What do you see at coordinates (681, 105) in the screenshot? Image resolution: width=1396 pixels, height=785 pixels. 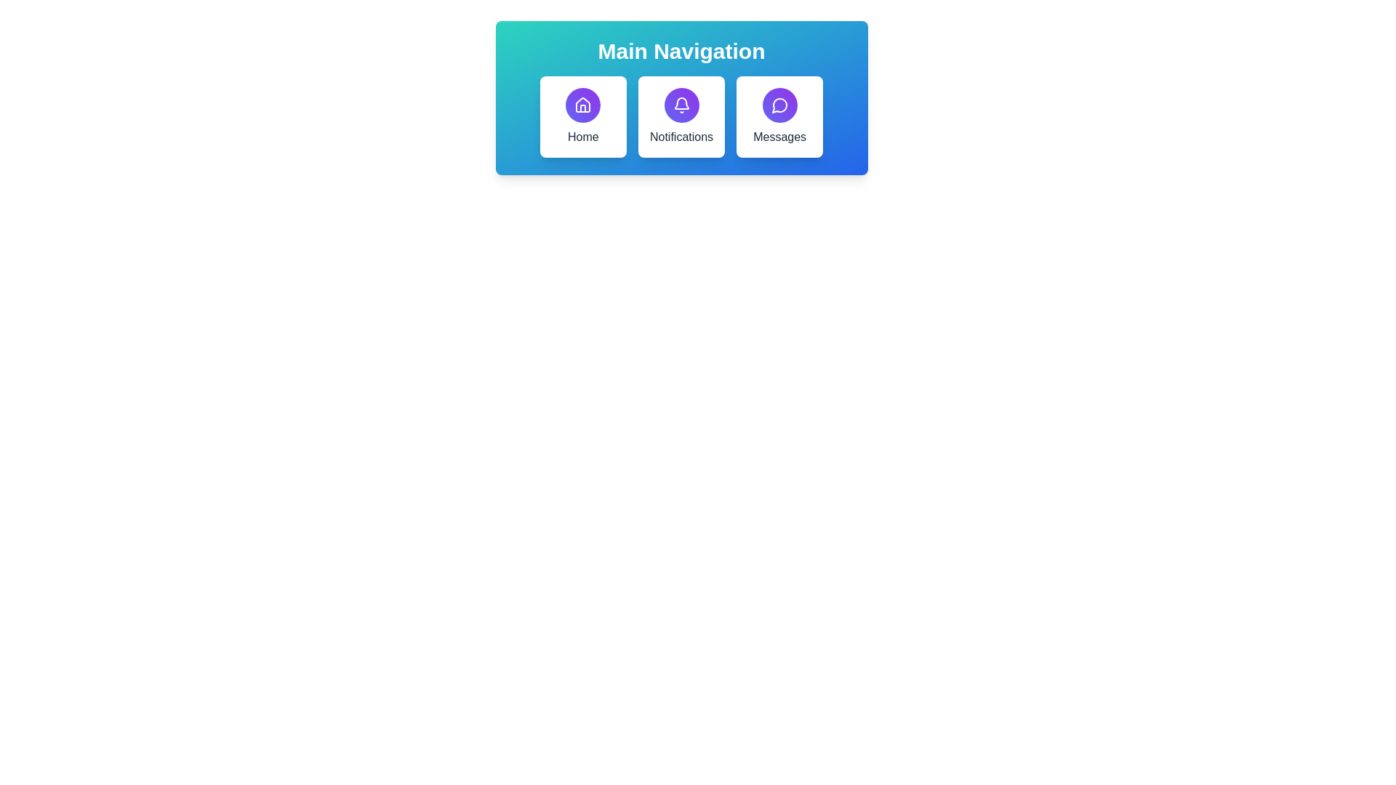 I see `the notification bell icon, which is styled with a gradient purple color and located in the middle of the navigation bar` at bounding box center [681, 105].